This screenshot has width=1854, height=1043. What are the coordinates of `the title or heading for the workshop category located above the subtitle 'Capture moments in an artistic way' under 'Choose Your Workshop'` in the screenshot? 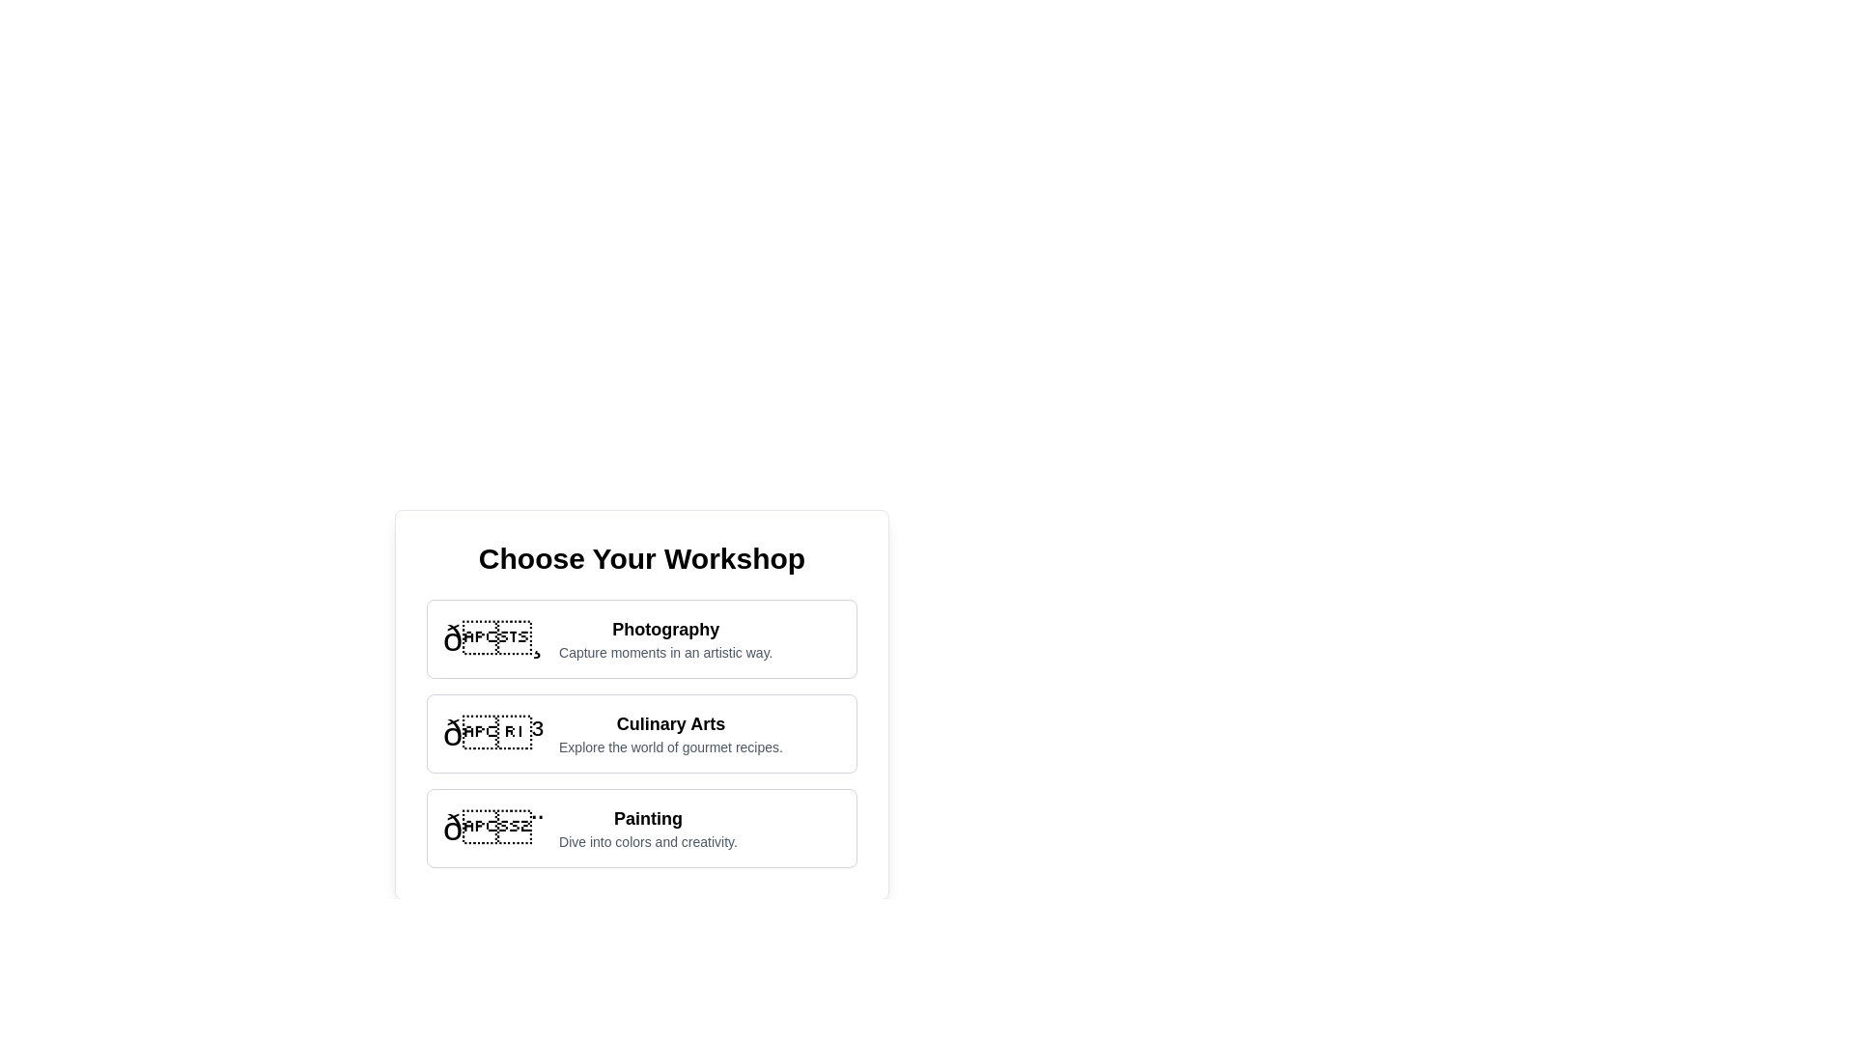 It's located at (665, 629).